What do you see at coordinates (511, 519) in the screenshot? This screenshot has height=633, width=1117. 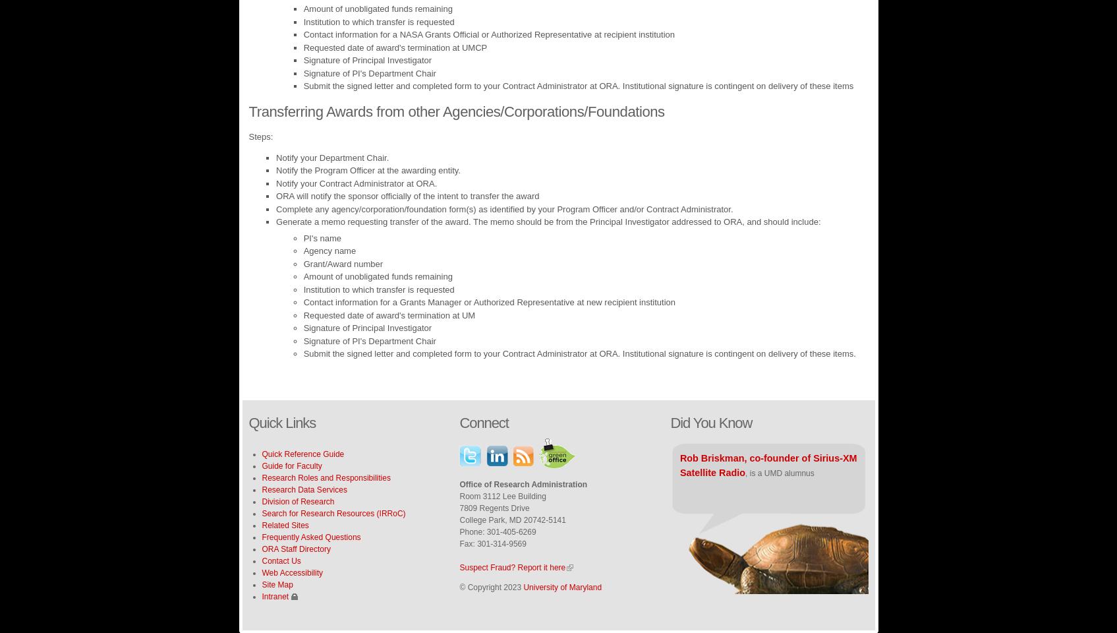 I see `'College Park, MD 20742-5141'` at bounding box center [511, 519].